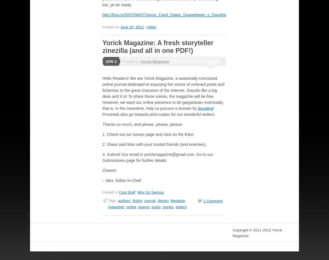 Image resolution: width=329 pixels, height=260 pixels. What do you see at coordinates (137, 192) in the screenshot?
I see `'Why So Serious'` at bounding box center [137, 192].